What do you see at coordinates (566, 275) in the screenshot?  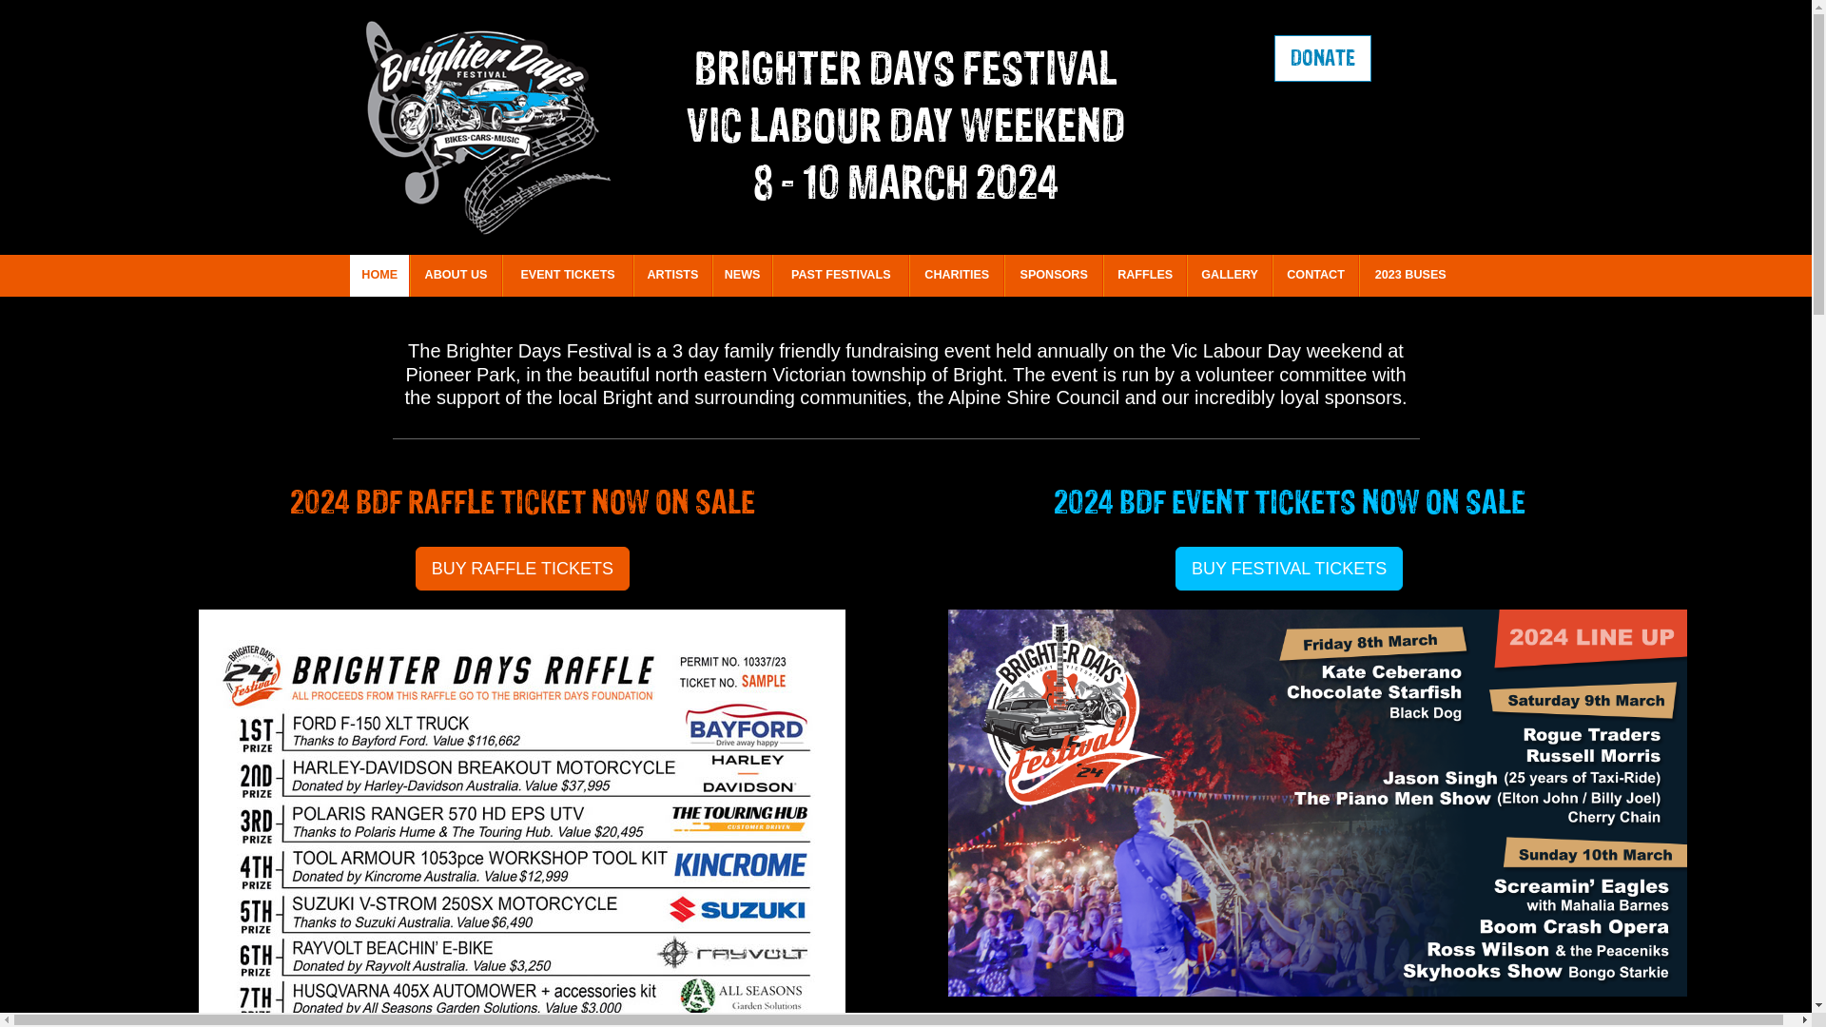 I see `'EVENT TICKETS'` at bounding box center [566, 275].